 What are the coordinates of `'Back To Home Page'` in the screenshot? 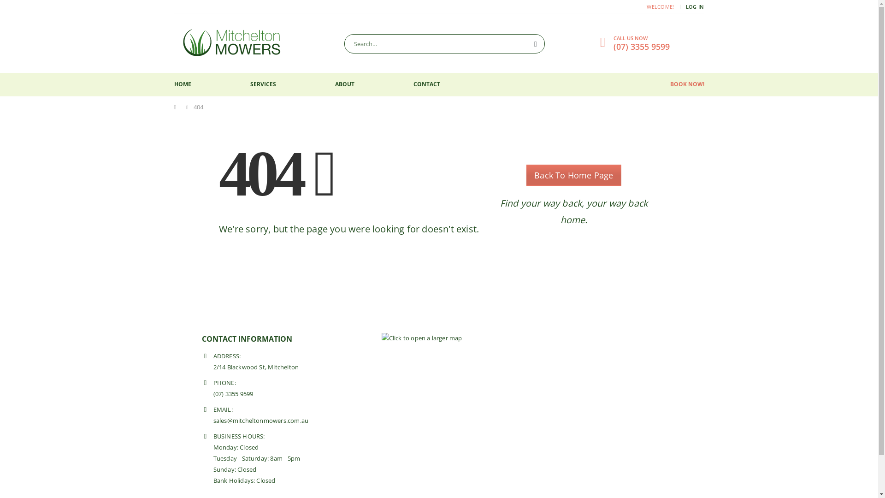 It's located at (573, 175).